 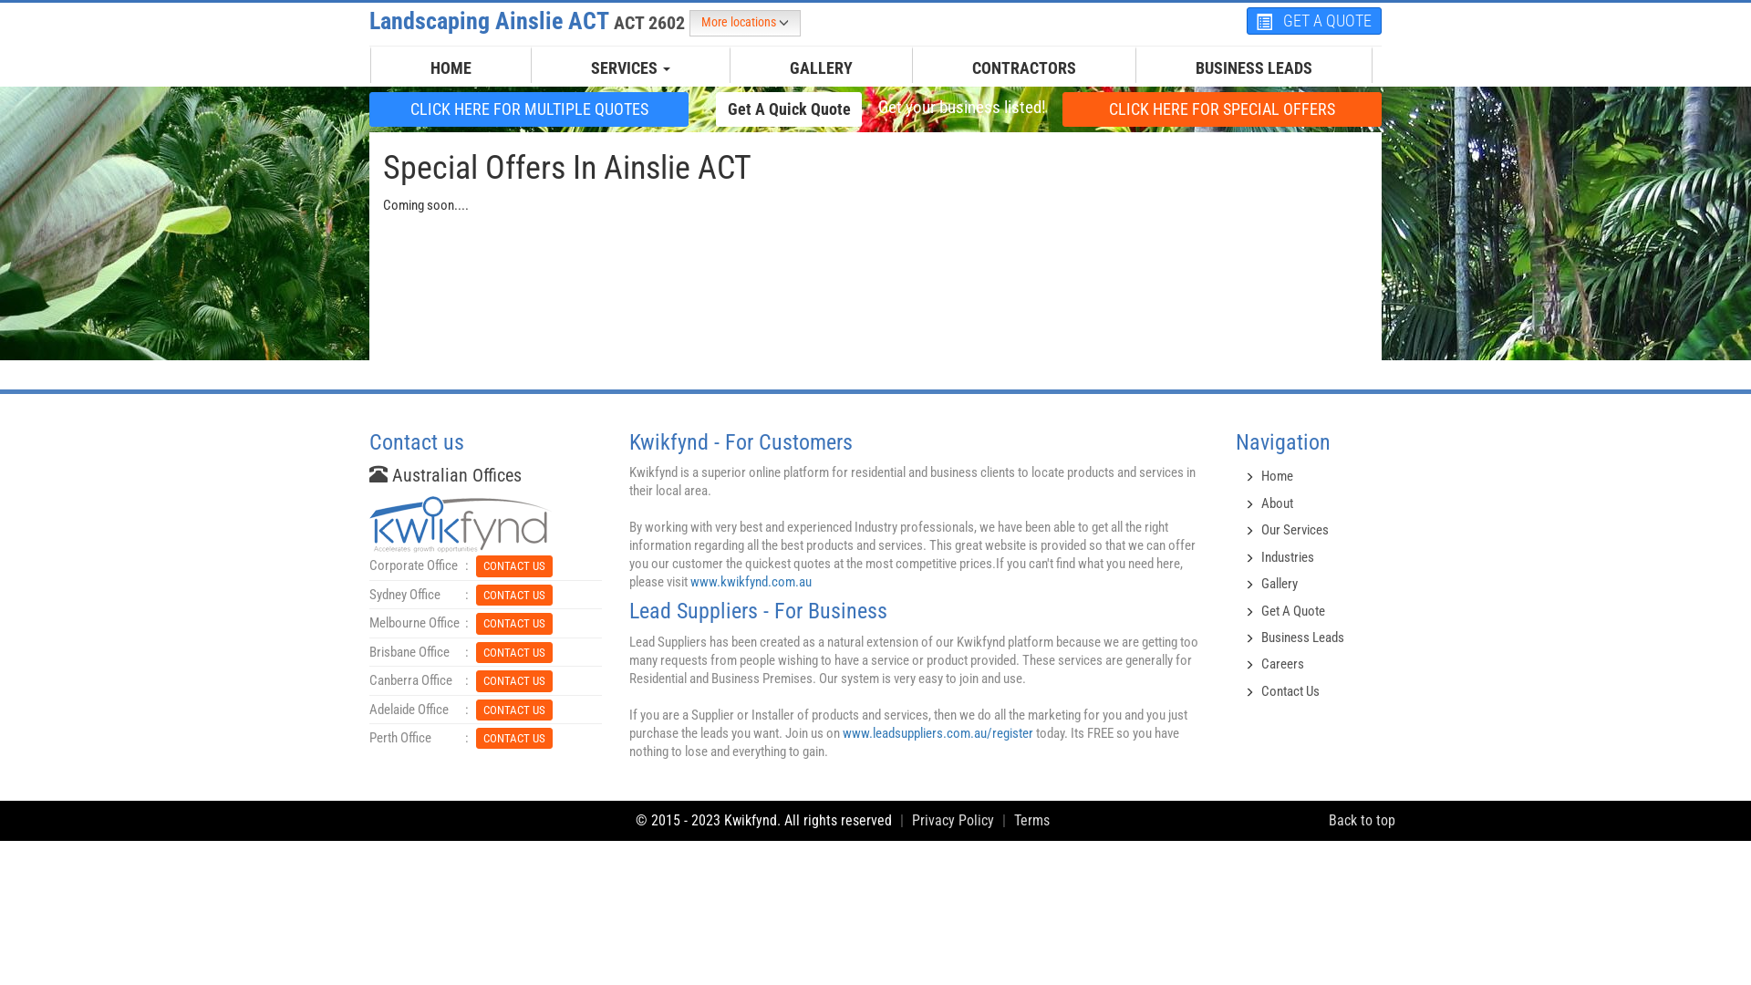 I want to click on 'More locations', so click(x=688, y=23).